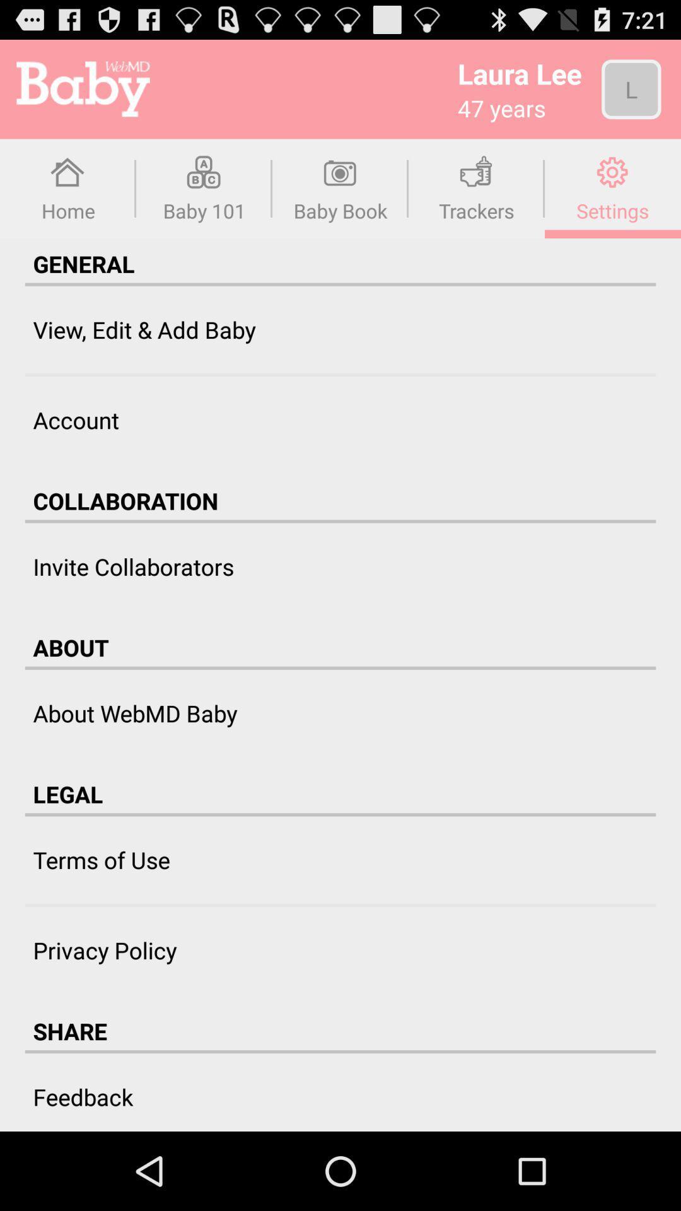 Image resolution: width=681 pixels, height=1211 pixels. Describe the element at coordinates (340, 521) in the screenshot. I see `item above invite collaborators` at that location.